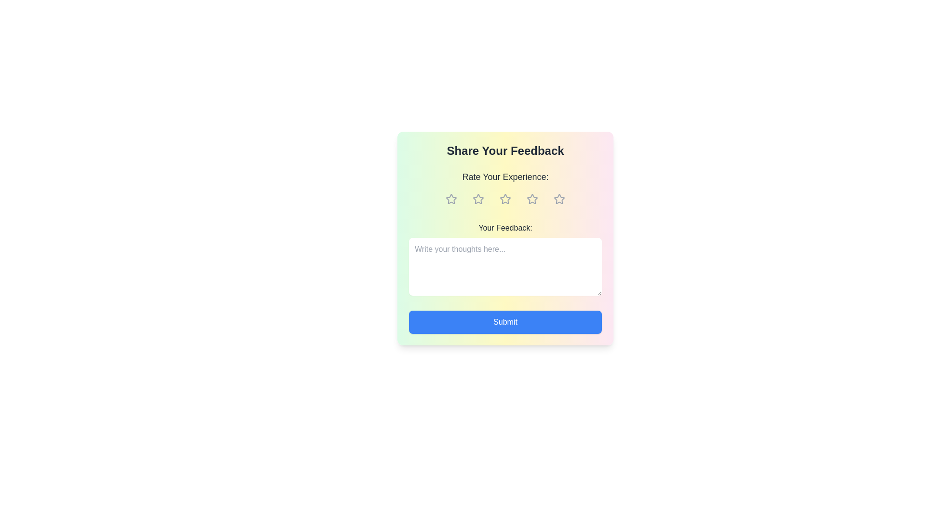 The height and width of the screenshot is (521, 926). What do you see at coordinates (504, 198) in the screenshot?
I see `the third star in the rating system` at bounding box center [504, 198].